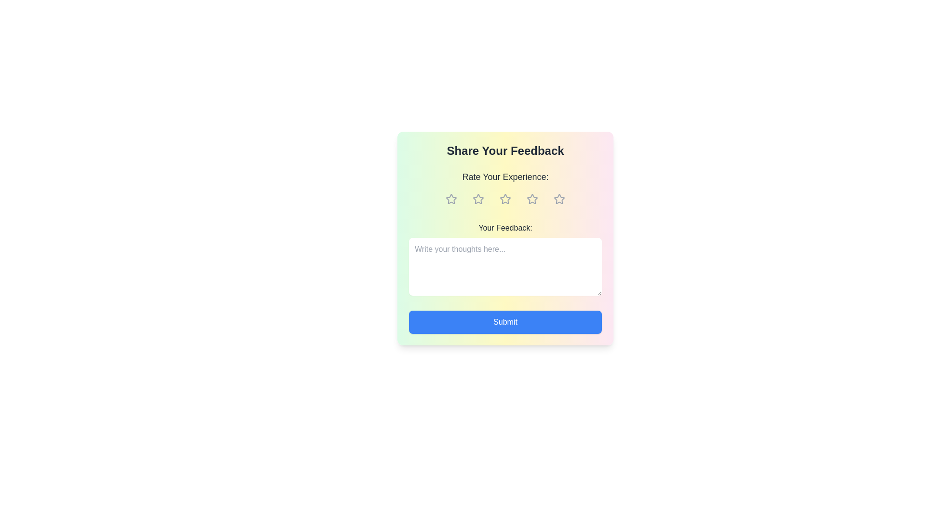 The height and width of the screenshot is (521, 926). What do you see at coordinates (504, 198) in the screenshot?
I see `the third star in the rating system` at bounding box center [504, 198].